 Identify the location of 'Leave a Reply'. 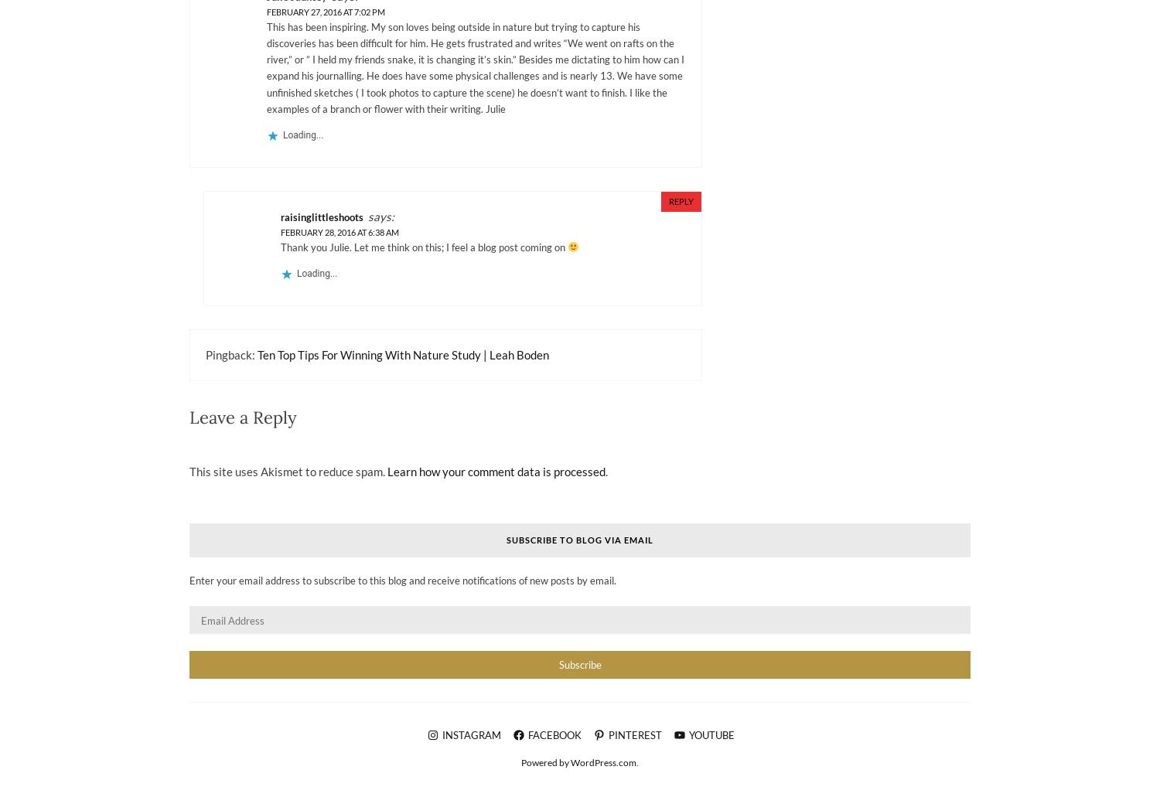
(188, 416).